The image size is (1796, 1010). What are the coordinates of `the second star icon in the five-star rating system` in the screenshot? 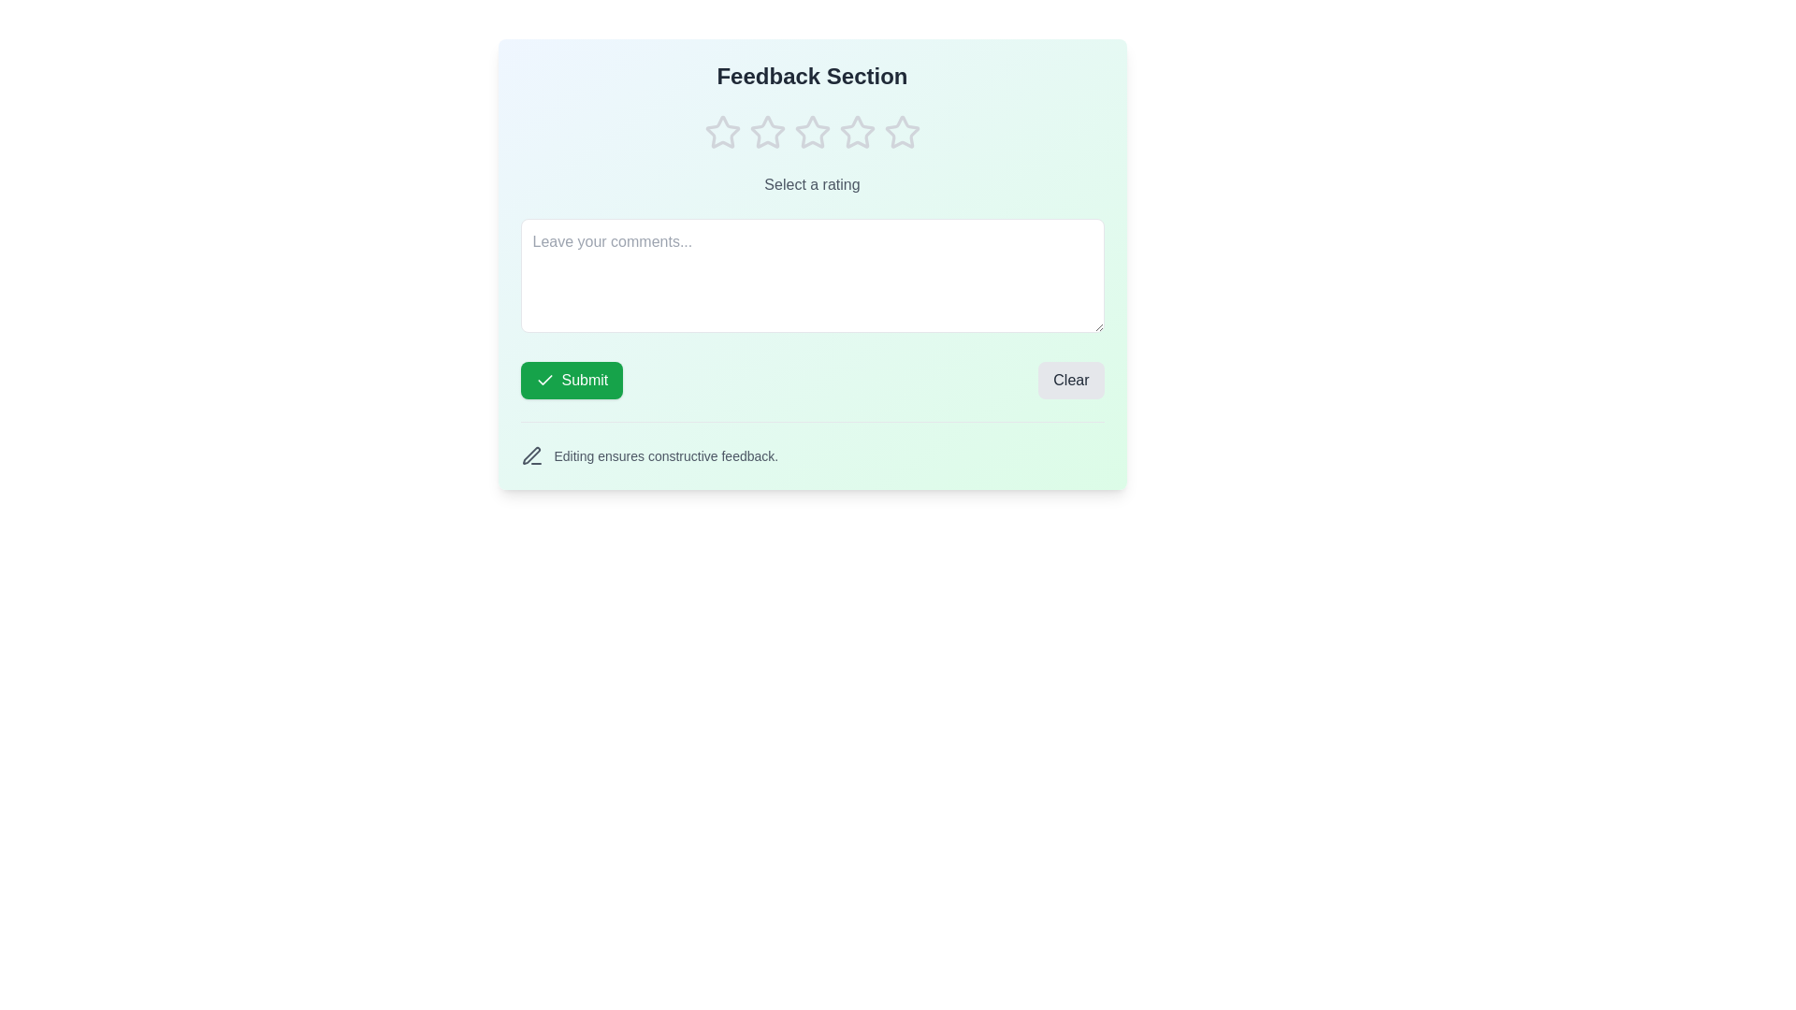 It's located at (812, 131).